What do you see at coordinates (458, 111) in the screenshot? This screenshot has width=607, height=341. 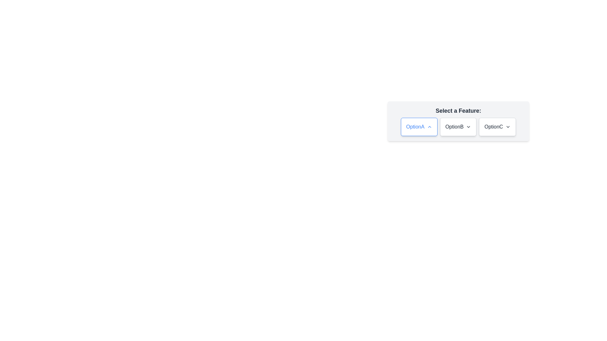 I see `the static text label displaying 'Select a Feature:' which is positioned at the top of the panel and is centered horizontally` at bounding box center [458, 111].